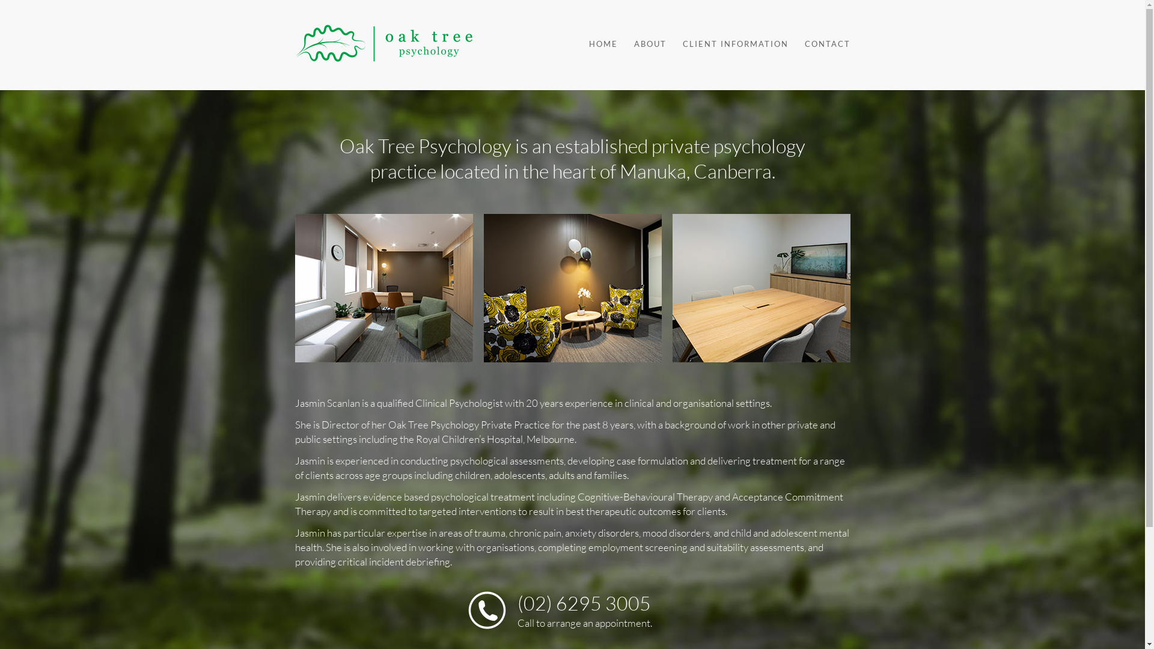 The height and width of the screenshot is (649, 1154). Describe the element at coordinates (596, 43) in the screenshot. I see `'HOME'` at that location.